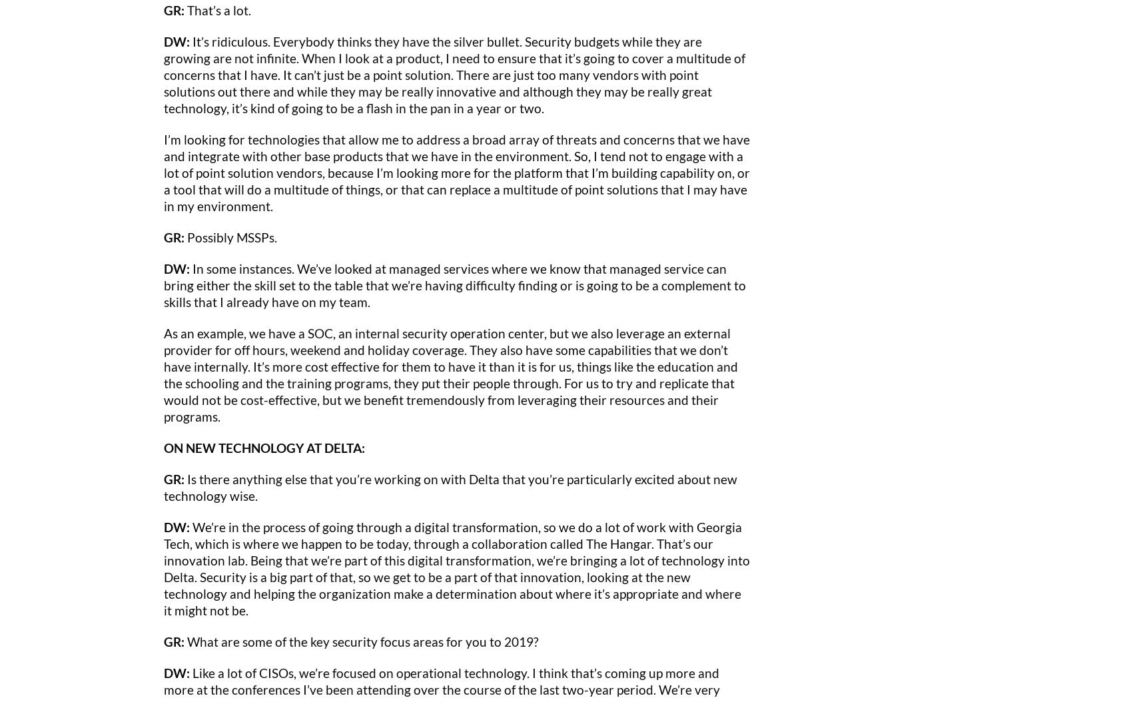 The width and height of the screenshot is (1127, 702). What do you see at coordinates (454, 74) in the screenshot?
I see `'It’s ridiculous. Everybody thinks they have the silver bullet. Security budgets while they are growing are not infinite. When I look at a product, I need to ensure that it’s going to cover a multitude of concerns that I have. It can’t just be a point solution. There are just too many vendors with point solutions out there and while they may be really innovative and although they may be really great technology, it’s kind of going to be a flash in the pan in a year or two.'` at bounding box center [454, 74].